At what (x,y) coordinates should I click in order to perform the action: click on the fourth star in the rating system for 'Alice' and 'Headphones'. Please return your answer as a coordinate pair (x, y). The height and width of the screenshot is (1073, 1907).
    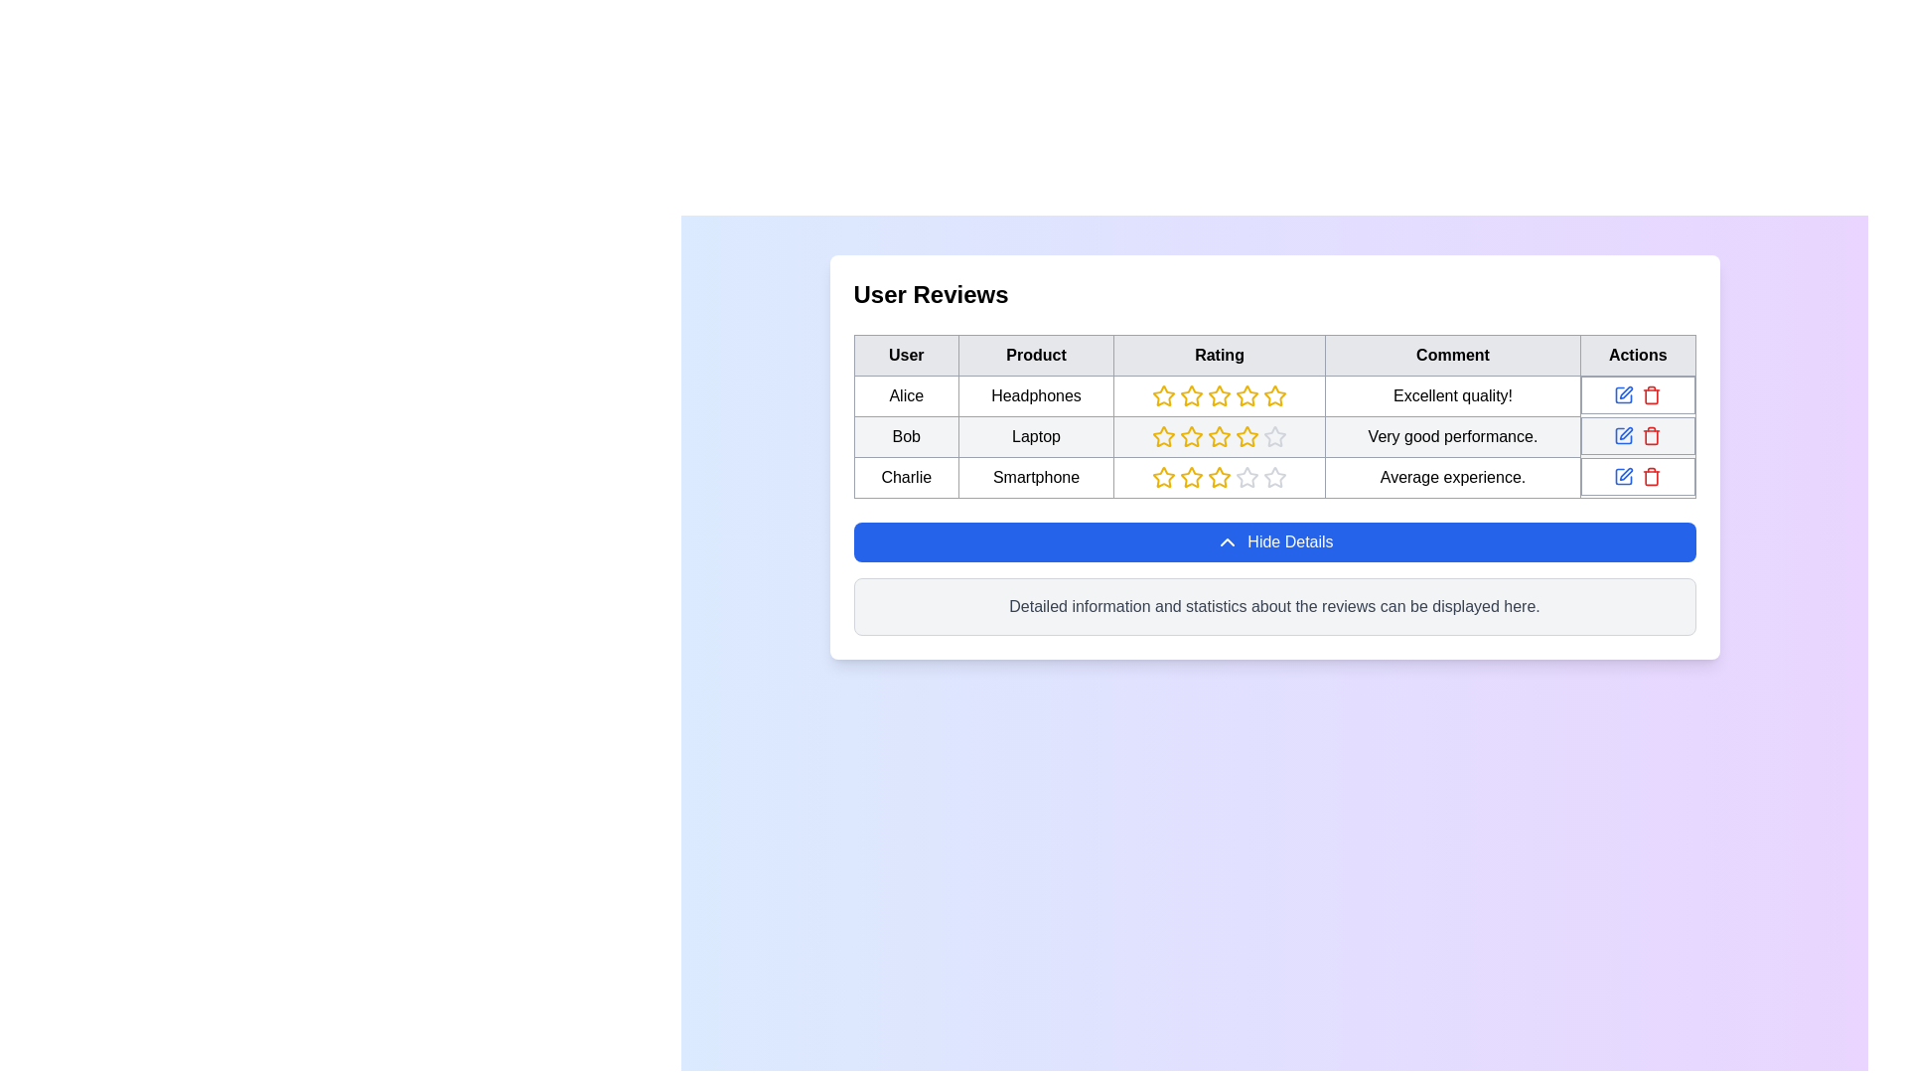
    Looking at the image, I should click on (1247, 395).